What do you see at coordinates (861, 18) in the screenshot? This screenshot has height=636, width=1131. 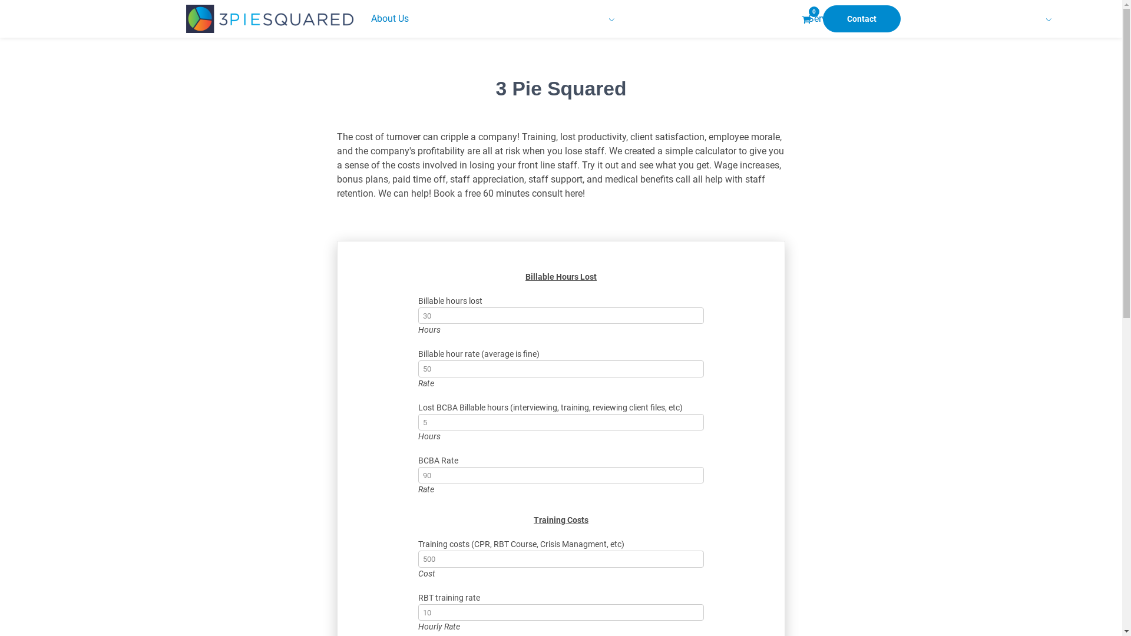 I see `'Contact'` at bounding box center [861, 18].